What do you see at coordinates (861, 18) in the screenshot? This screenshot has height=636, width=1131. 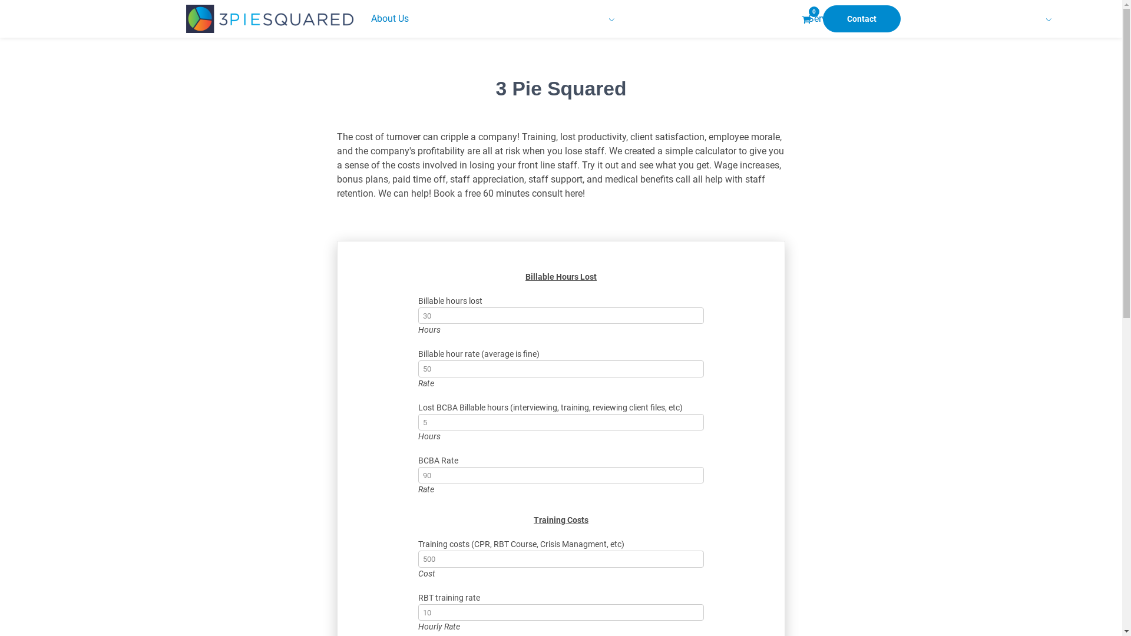 I see `'Contact'` at bounding box center [861, 18].